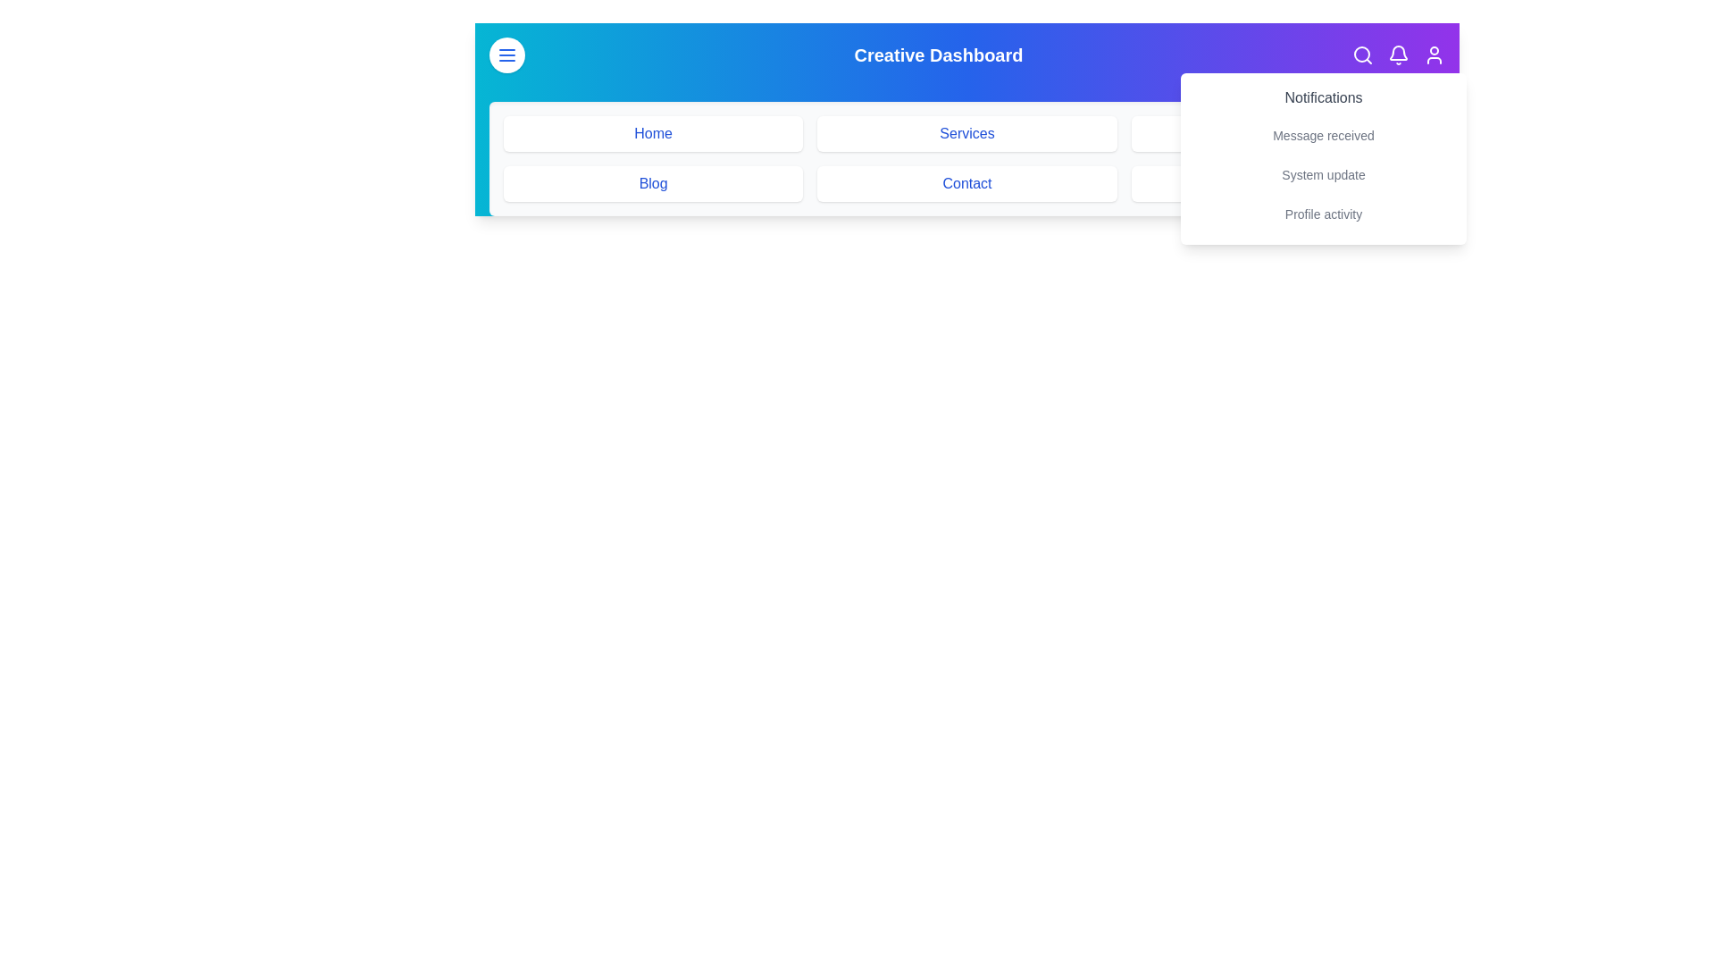 The image size is (1715, 965). Describe the element at coordinates (652, 183) in the screenshot. I see `the menu item labeled Blog to navigate to the corresponding section` at that location.